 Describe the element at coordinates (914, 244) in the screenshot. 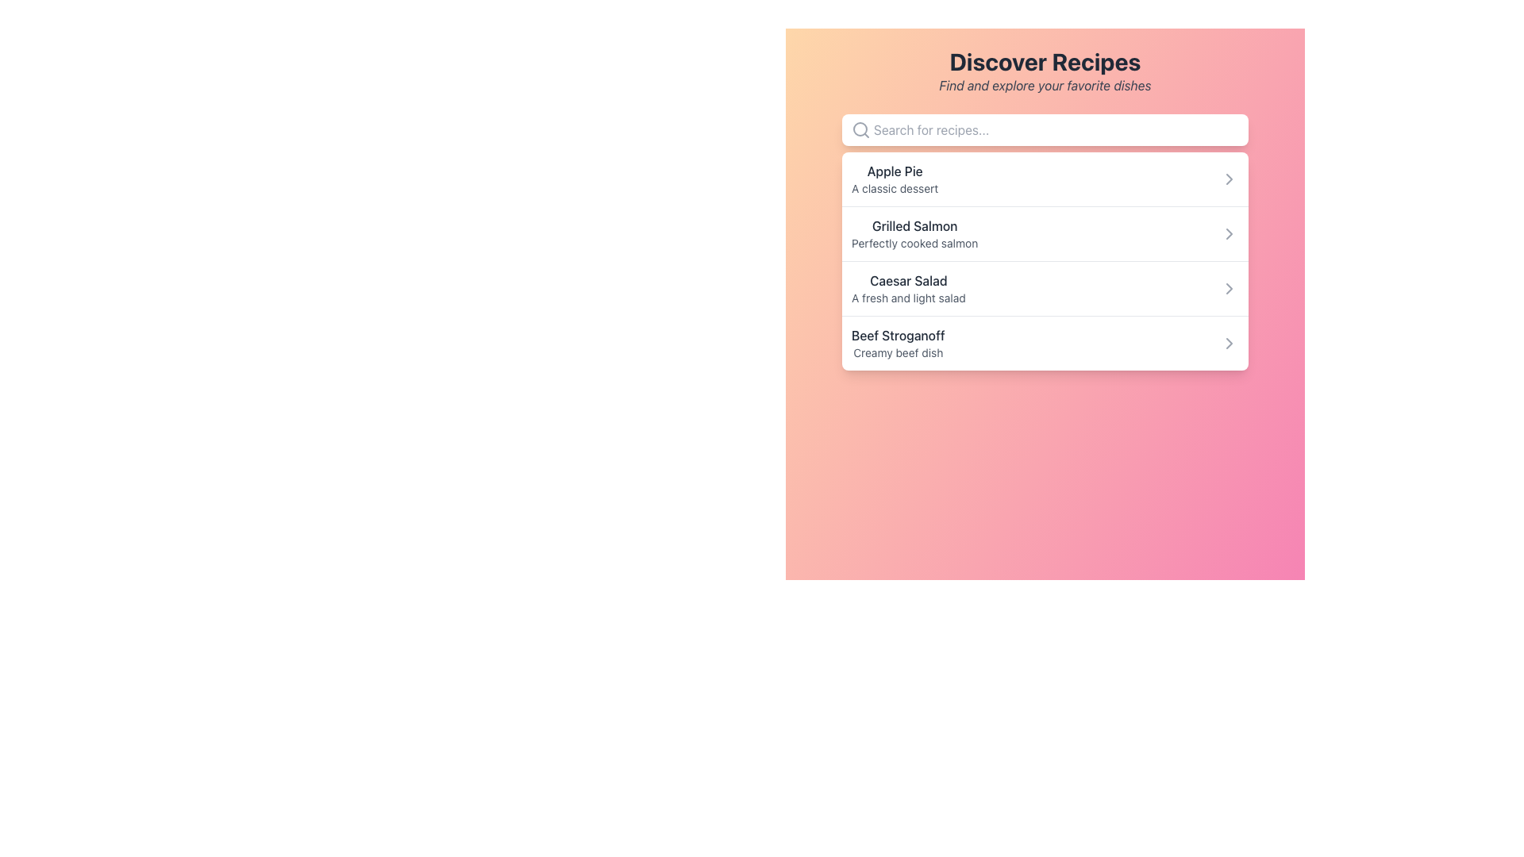

I see `the text label reading 'Perfectly cooked salmon', which is styled in gray and positioned below the title 'Grilled Salmon' in the recipe listing` at that location.